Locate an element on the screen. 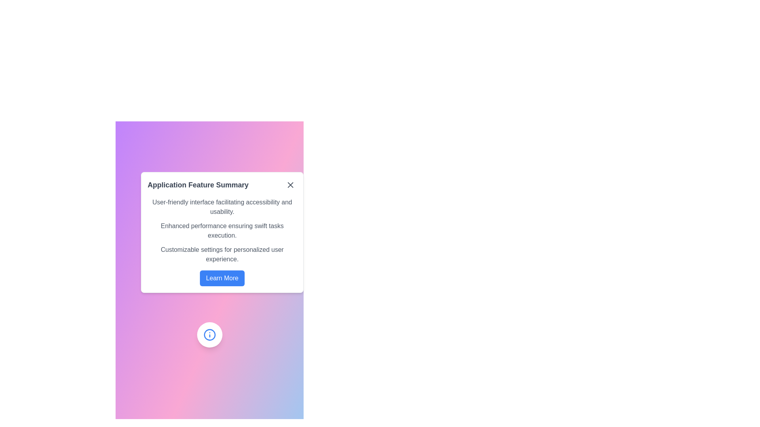  descriptive information text about the usability features of the application, which is the first item in the vertical list within the 'Application Feature Summary' section is located at coordinates (222, 207).